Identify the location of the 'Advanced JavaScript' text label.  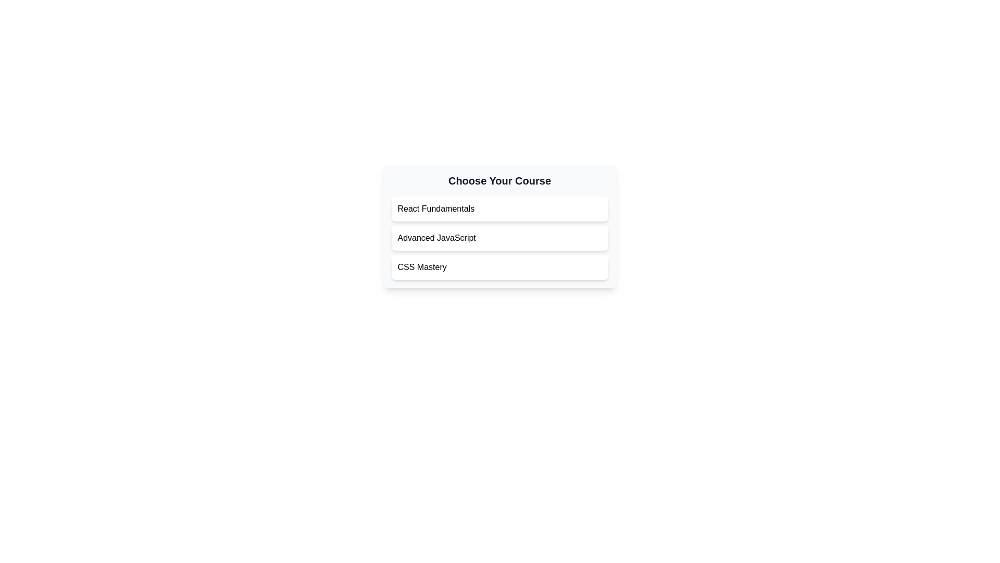
(436, 238).